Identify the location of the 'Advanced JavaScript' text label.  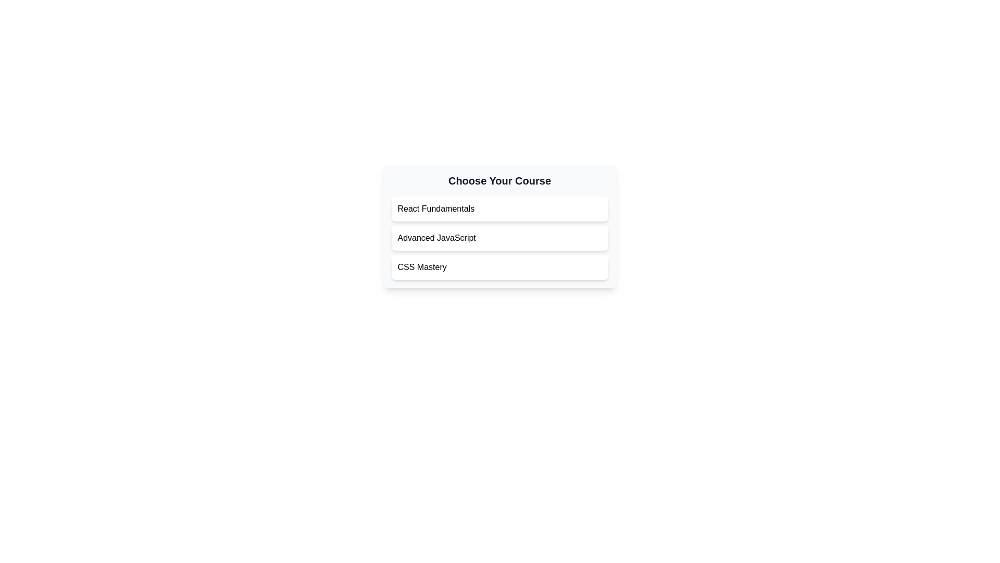
(436, 238).